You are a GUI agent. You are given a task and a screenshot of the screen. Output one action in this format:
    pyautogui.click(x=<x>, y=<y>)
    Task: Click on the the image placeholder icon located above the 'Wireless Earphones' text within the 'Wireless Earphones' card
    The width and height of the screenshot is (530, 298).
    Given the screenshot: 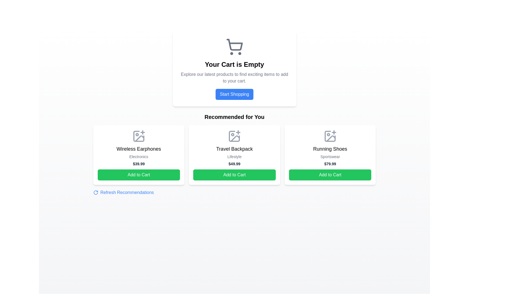 What is the action you would take?
    pyautogui.click(x=139, y=136)
    